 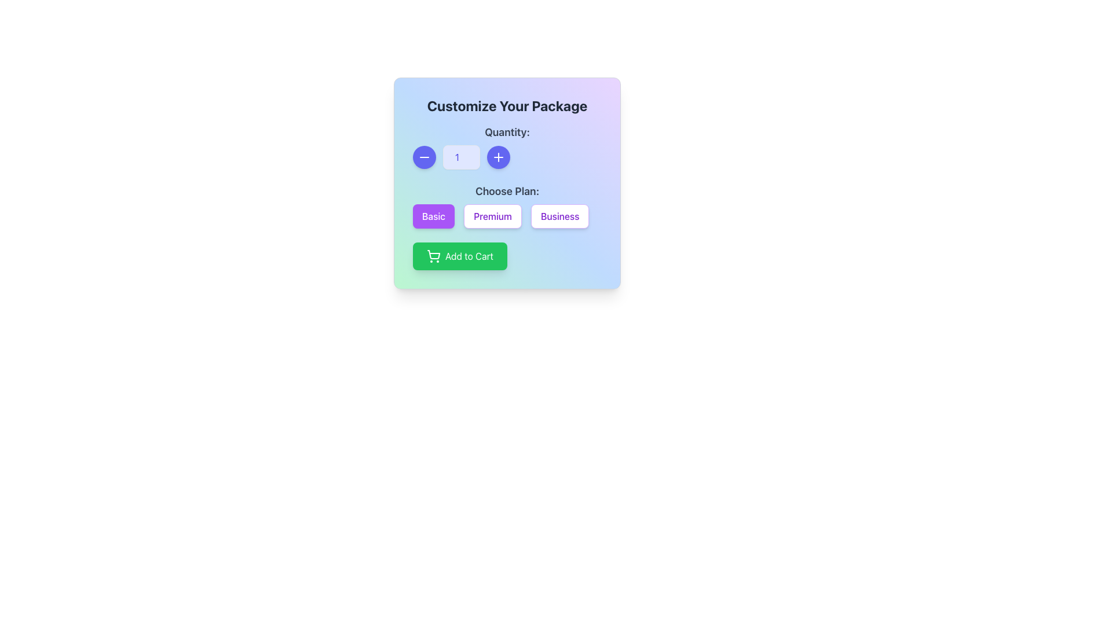 What do you see at coordinates (498, 157) in the screenshot?
I see `the circular button with a filled indigo background and a white plus icon` at bounding box center [498, 157].